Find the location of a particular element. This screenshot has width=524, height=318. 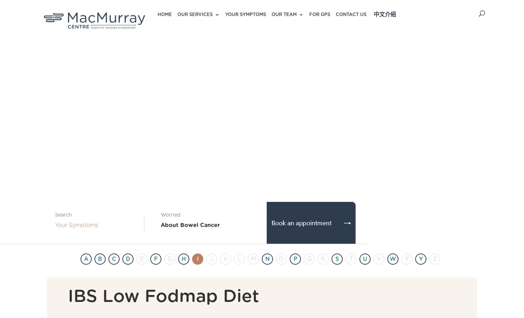

'Contact Us' is located at coordinates (351, 14).